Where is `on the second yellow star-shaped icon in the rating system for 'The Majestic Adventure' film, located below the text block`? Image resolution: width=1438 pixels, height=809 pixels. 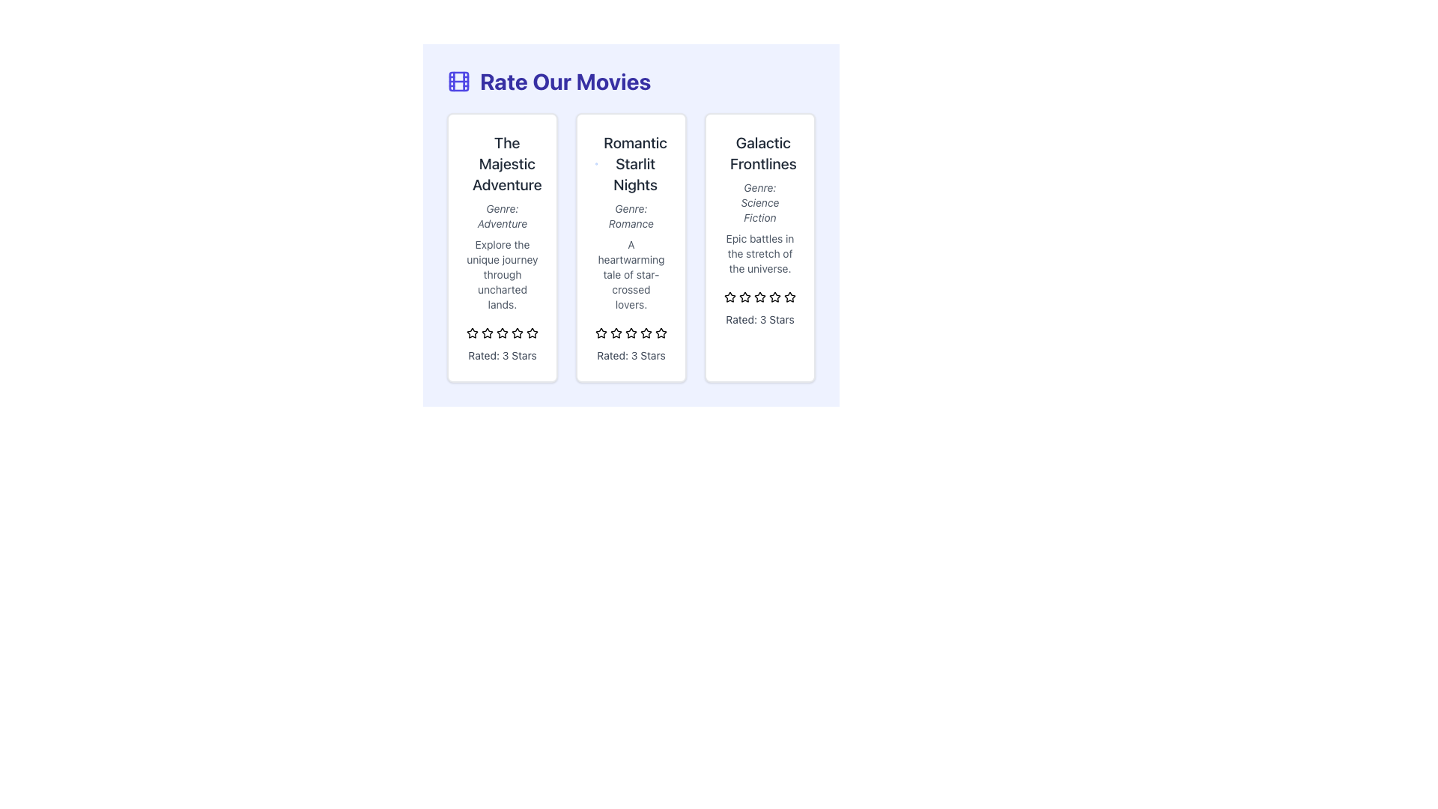 on the second yellow star-shaped icon in the rating system for 'The Majestic Adventure' film, located below the text block is located at coordinates (471, 332).